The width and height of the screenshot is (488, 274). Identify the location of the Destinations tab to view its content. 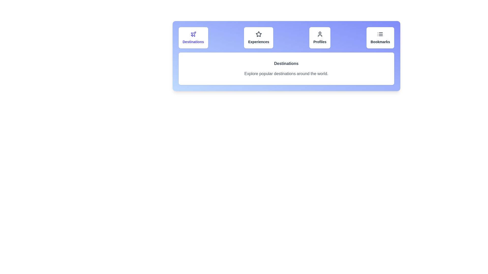
(193, 38).